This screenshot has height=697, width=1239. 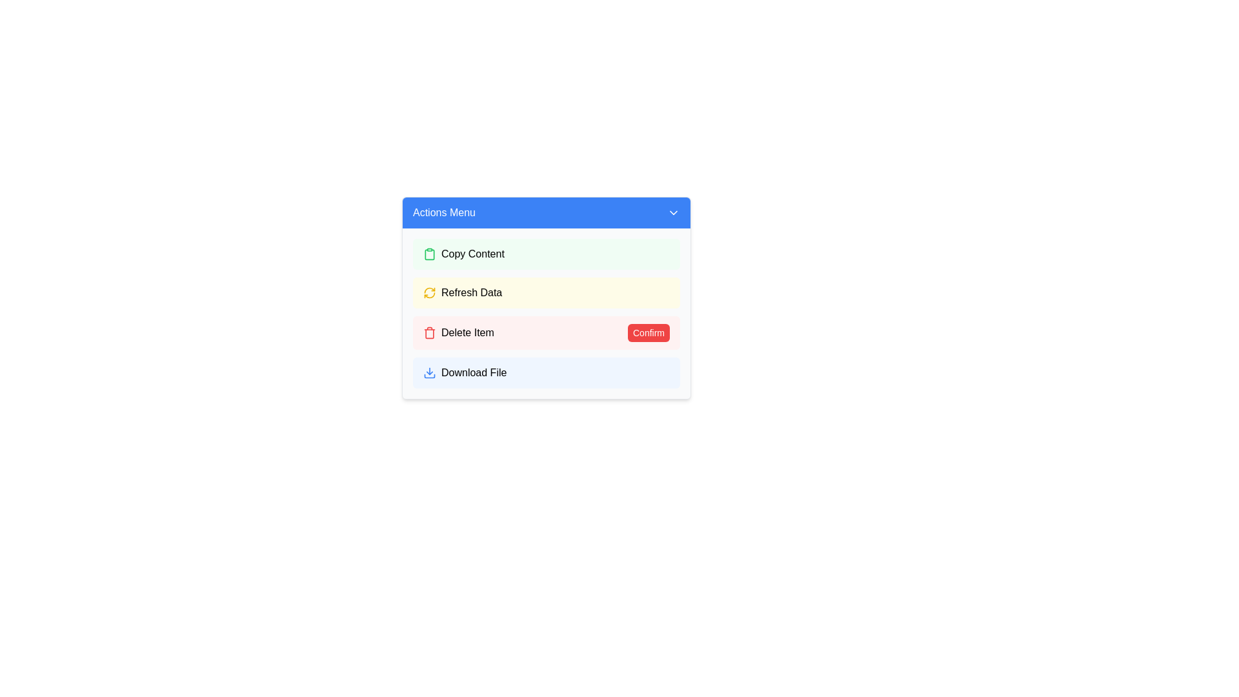 What do you see at coordinates (472, 254) in the screenshot?
I see `the textual label for the copy action located in the 'Actions Menu' section, next to the green clipboard icon` at bounding box center [472, 254].